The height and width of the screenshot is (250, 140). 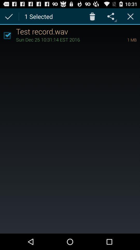 I want to click on the app below the test record.wav, so click(x=124, y=39).